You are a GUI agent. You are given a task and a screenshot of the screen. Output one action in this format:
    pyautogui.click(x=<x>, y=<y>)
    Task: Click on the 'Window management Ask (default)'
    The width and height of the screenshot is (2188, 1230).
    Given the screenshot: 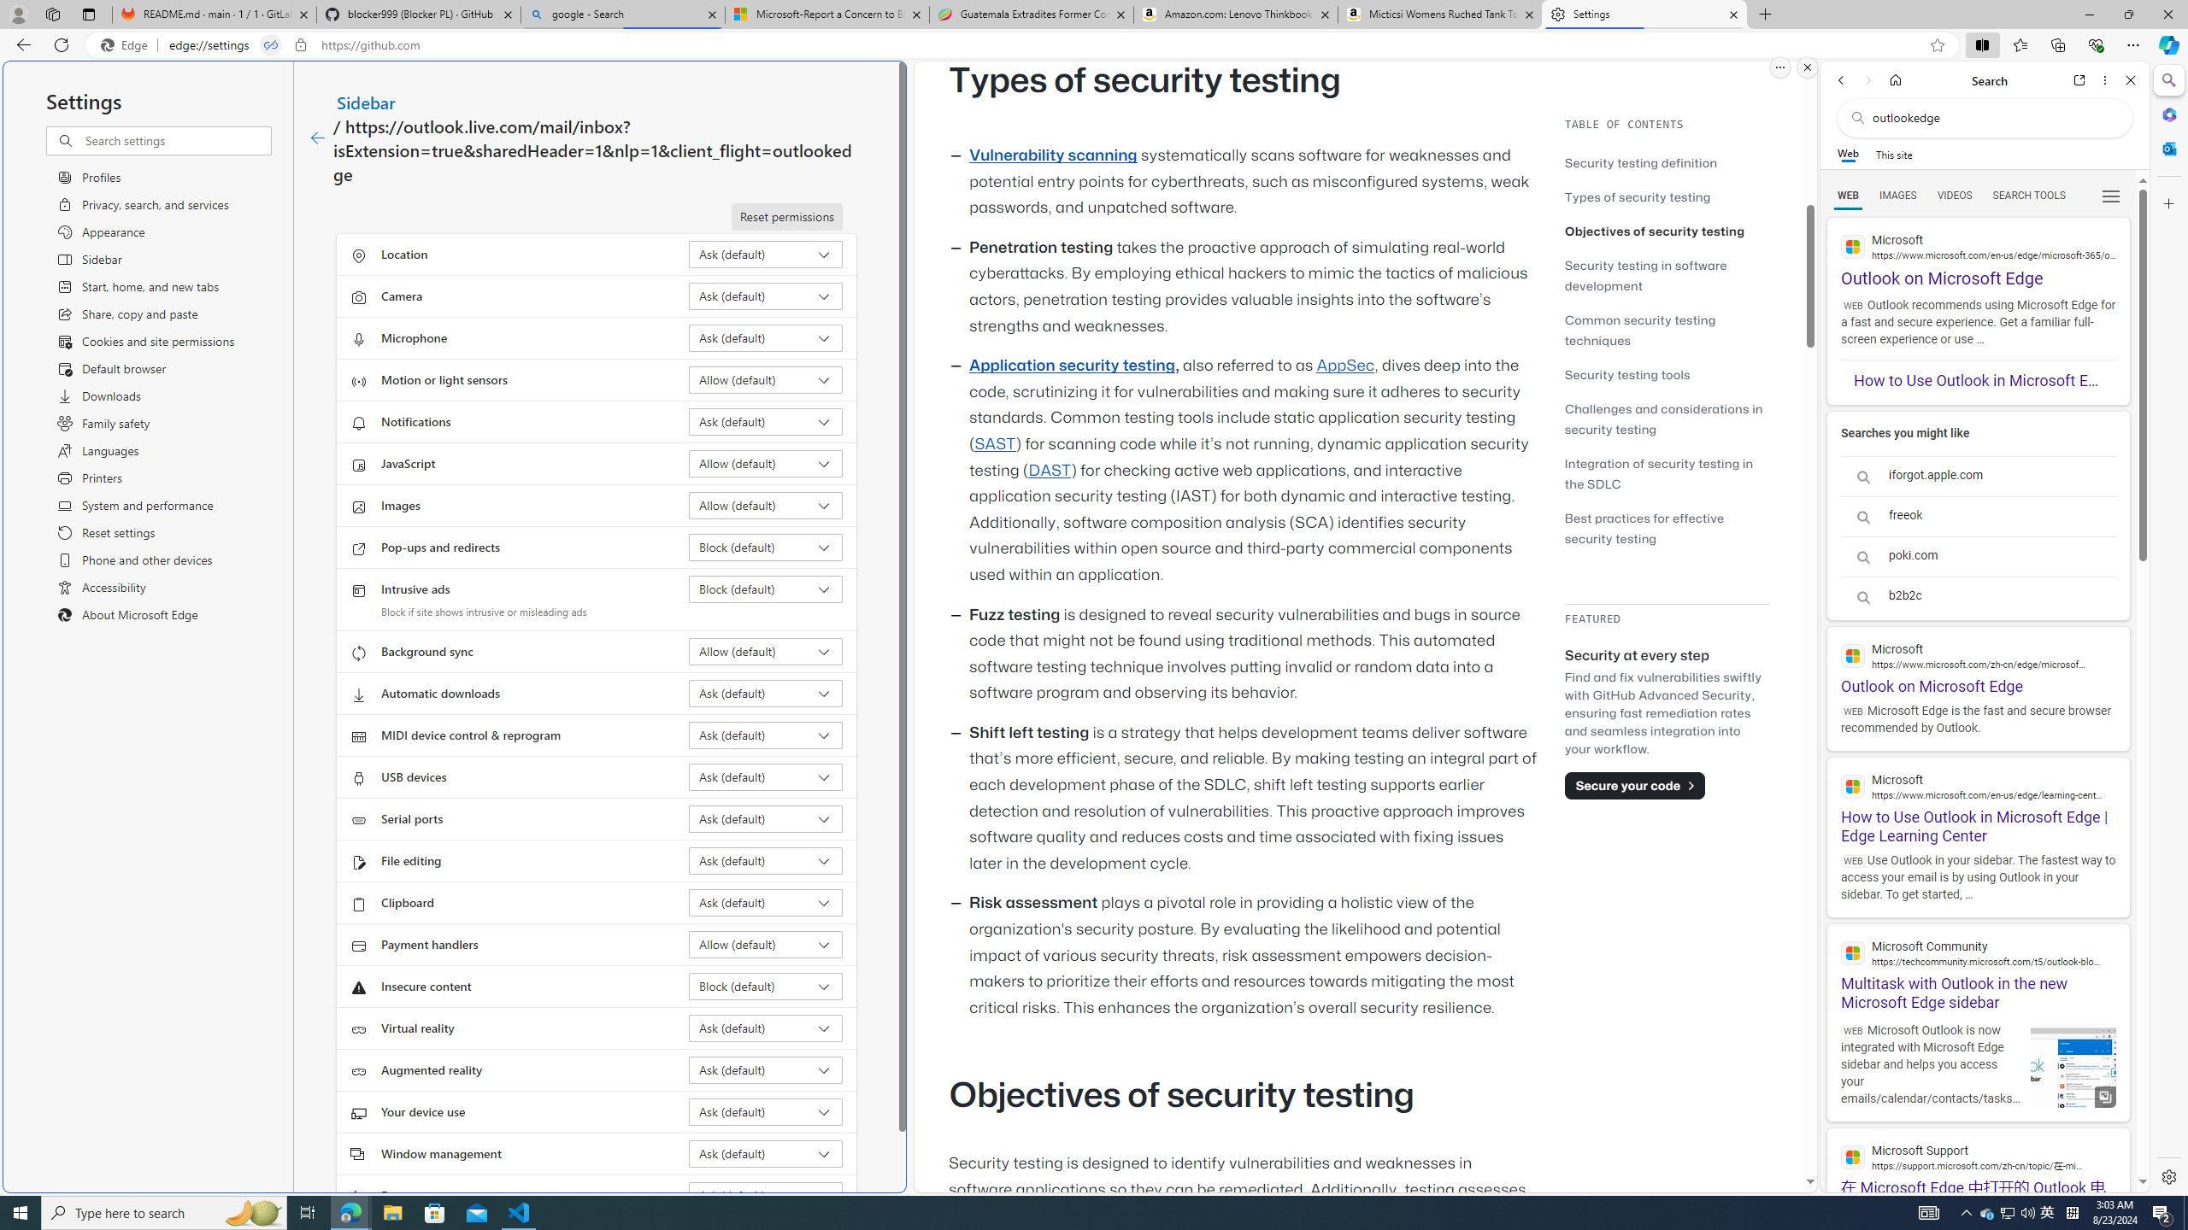 What is the action you would take?
    pyautogui.click(x=766, y=1152)
    